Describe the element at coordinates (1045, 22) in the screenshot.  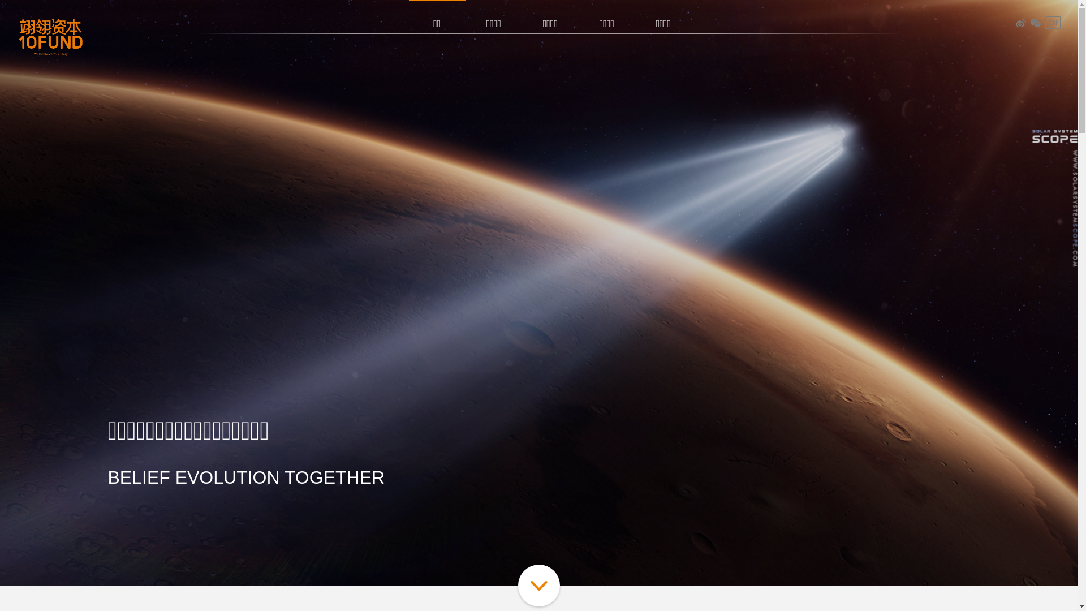
I see `'EN'` at that location.